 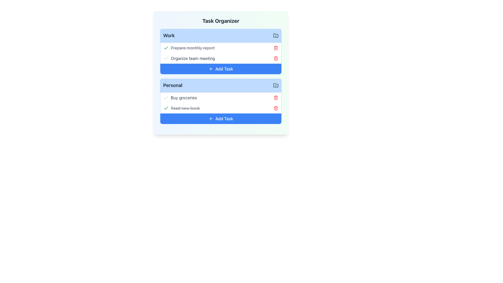 I want to click on the static text label indicating the task titled 'Organize team meeting', which is positioned between 'Prepare monthly report' and '+ Add Task' in the 'Work' task section, so click(x=193, y=58).